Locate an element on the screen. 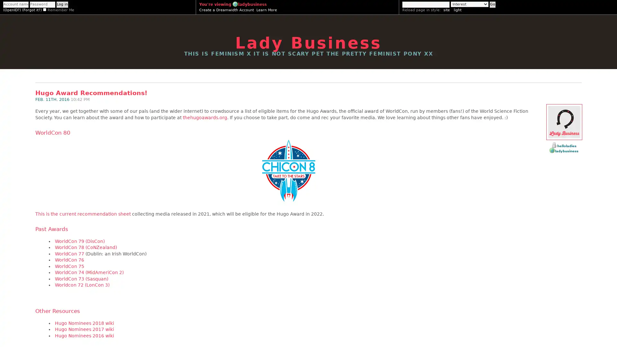  Log in is located at coordinates (62, 4).